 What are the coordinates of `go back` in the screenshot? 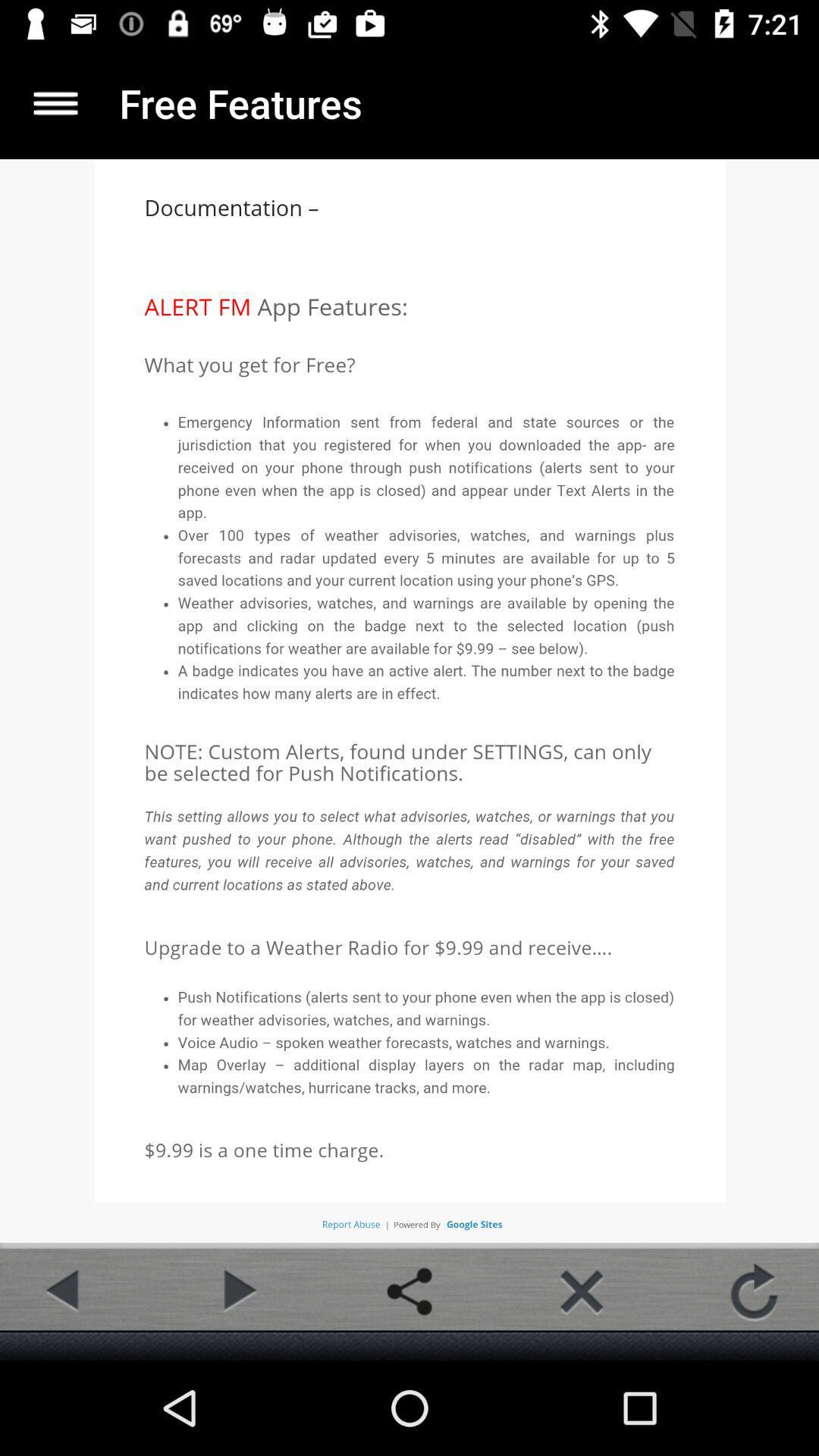 It's located at (64, 1291).